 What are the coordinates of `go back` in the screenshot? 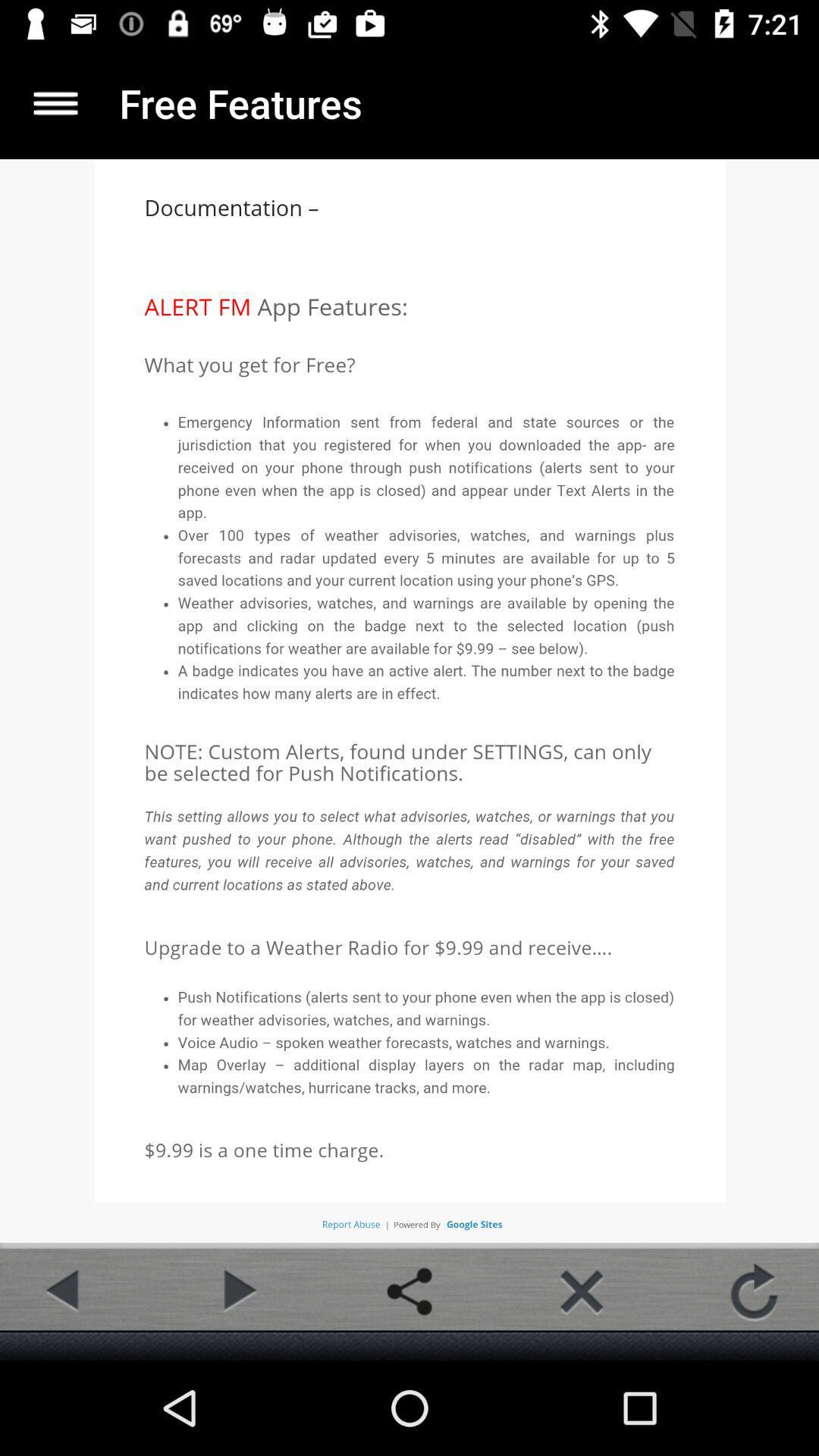 It's located at (64, 1291).